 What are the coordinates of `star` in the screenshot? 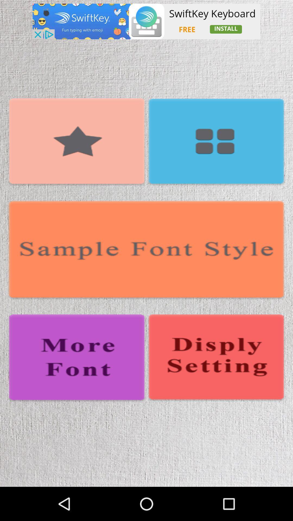 It's located at (77, 142).